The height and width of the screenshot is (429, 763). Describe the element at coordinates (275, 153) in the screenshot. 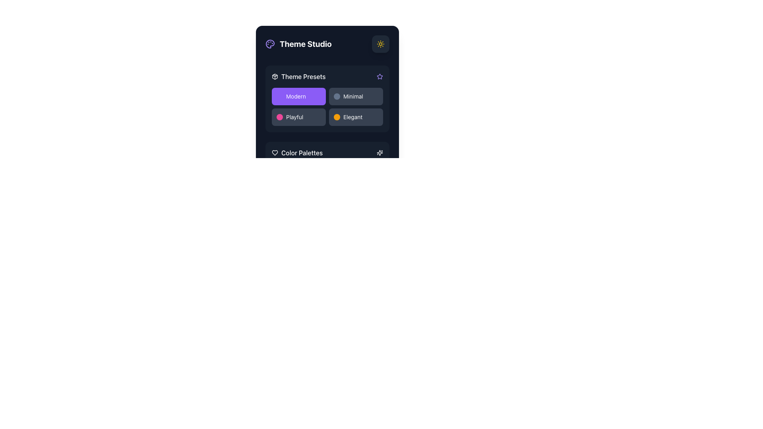

I see `the heart icon located to the left of the 'Color Palettes' text to interact with it` at that location.